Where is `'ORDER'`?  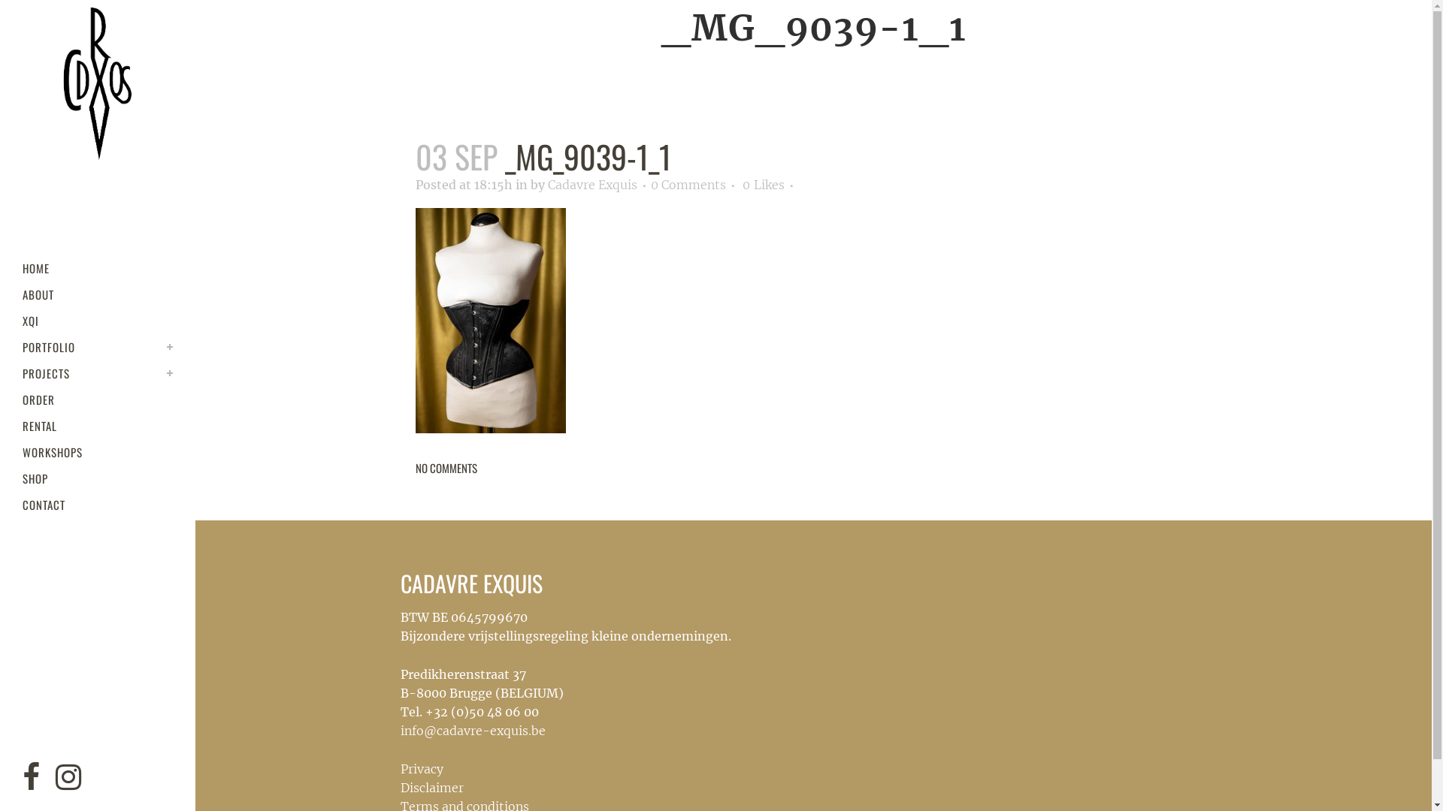
'ORDER' is located at coordinates (96, 399).